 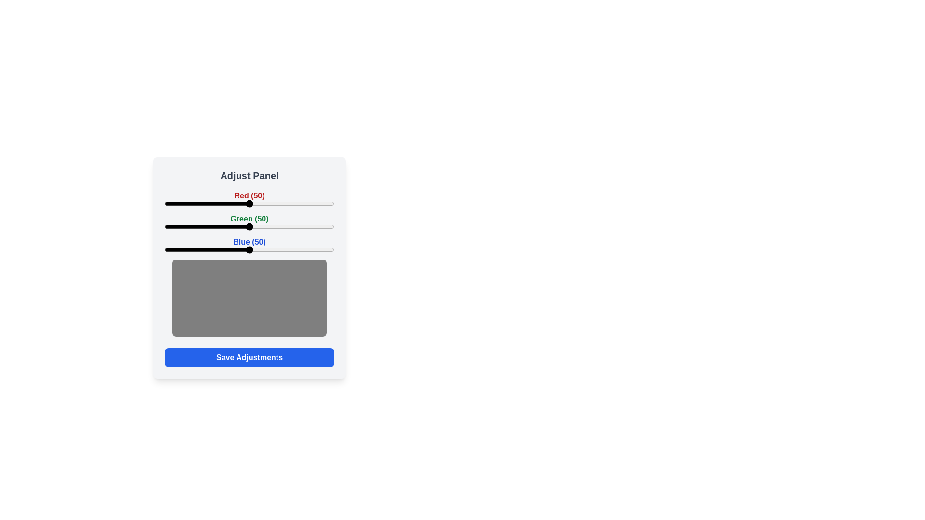 What do you see at coordinates (239, 249) in the screenshot?
I see `the blue slider to 44 percent` at bounding box center [239, 249].